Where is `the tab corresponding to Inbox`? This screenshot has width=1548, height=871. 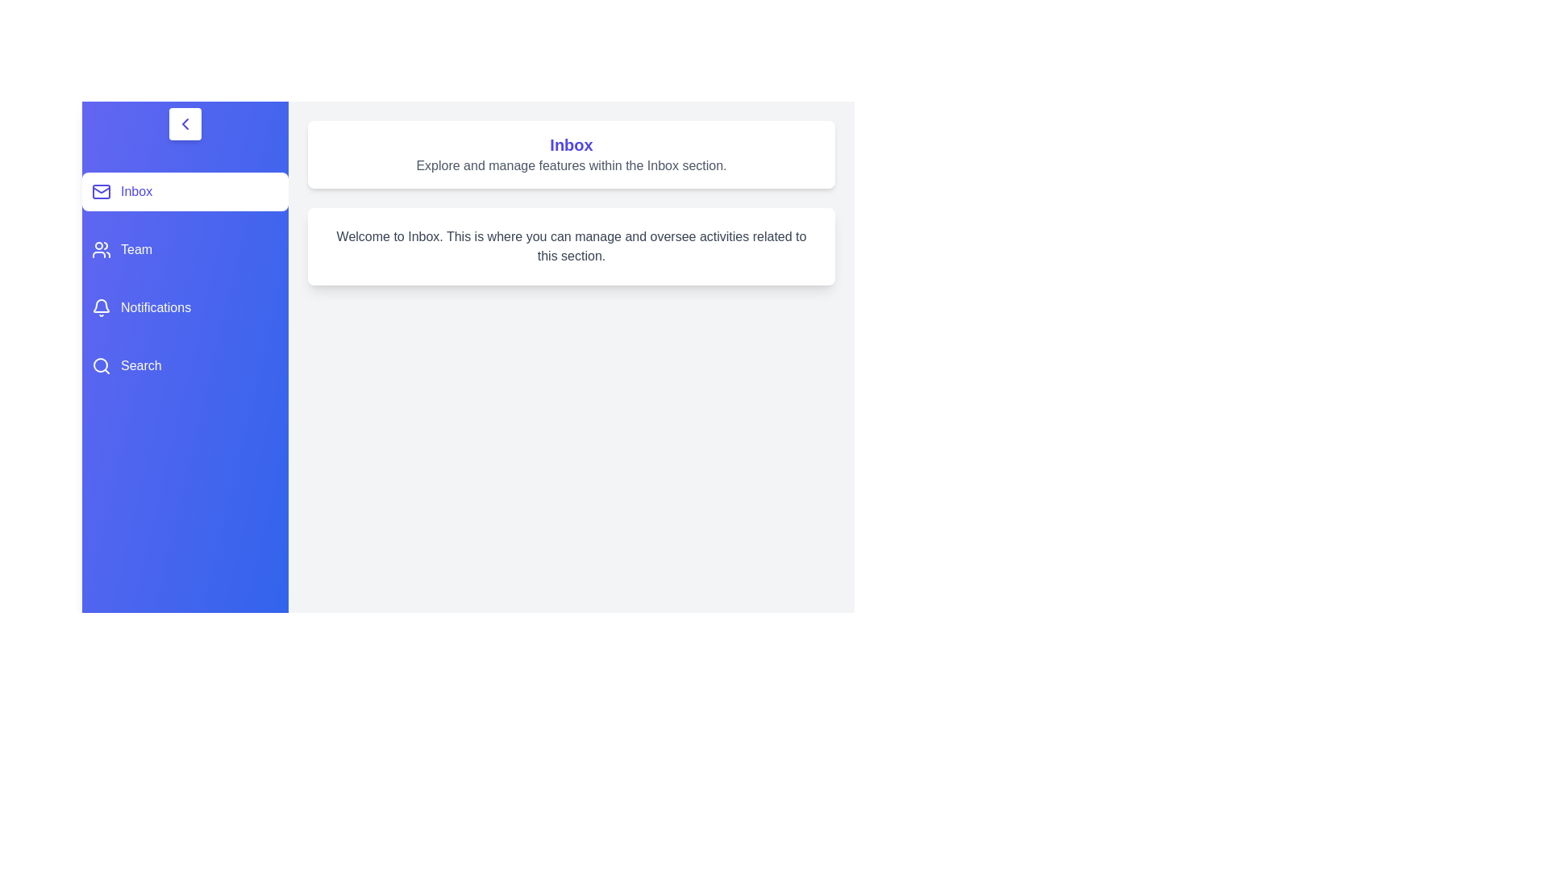
the tab corresponding to Inbox is located at coordinates (185, 191).